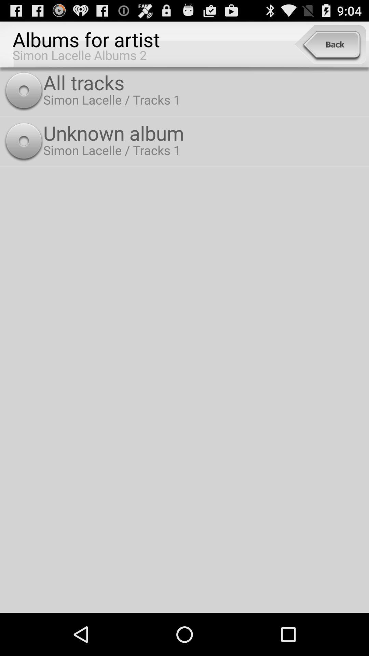  What do you see at coordinates (330, 44) in the screenshot?
I see `the item to the right of the albums for artist` at bounding box center [330, 44].